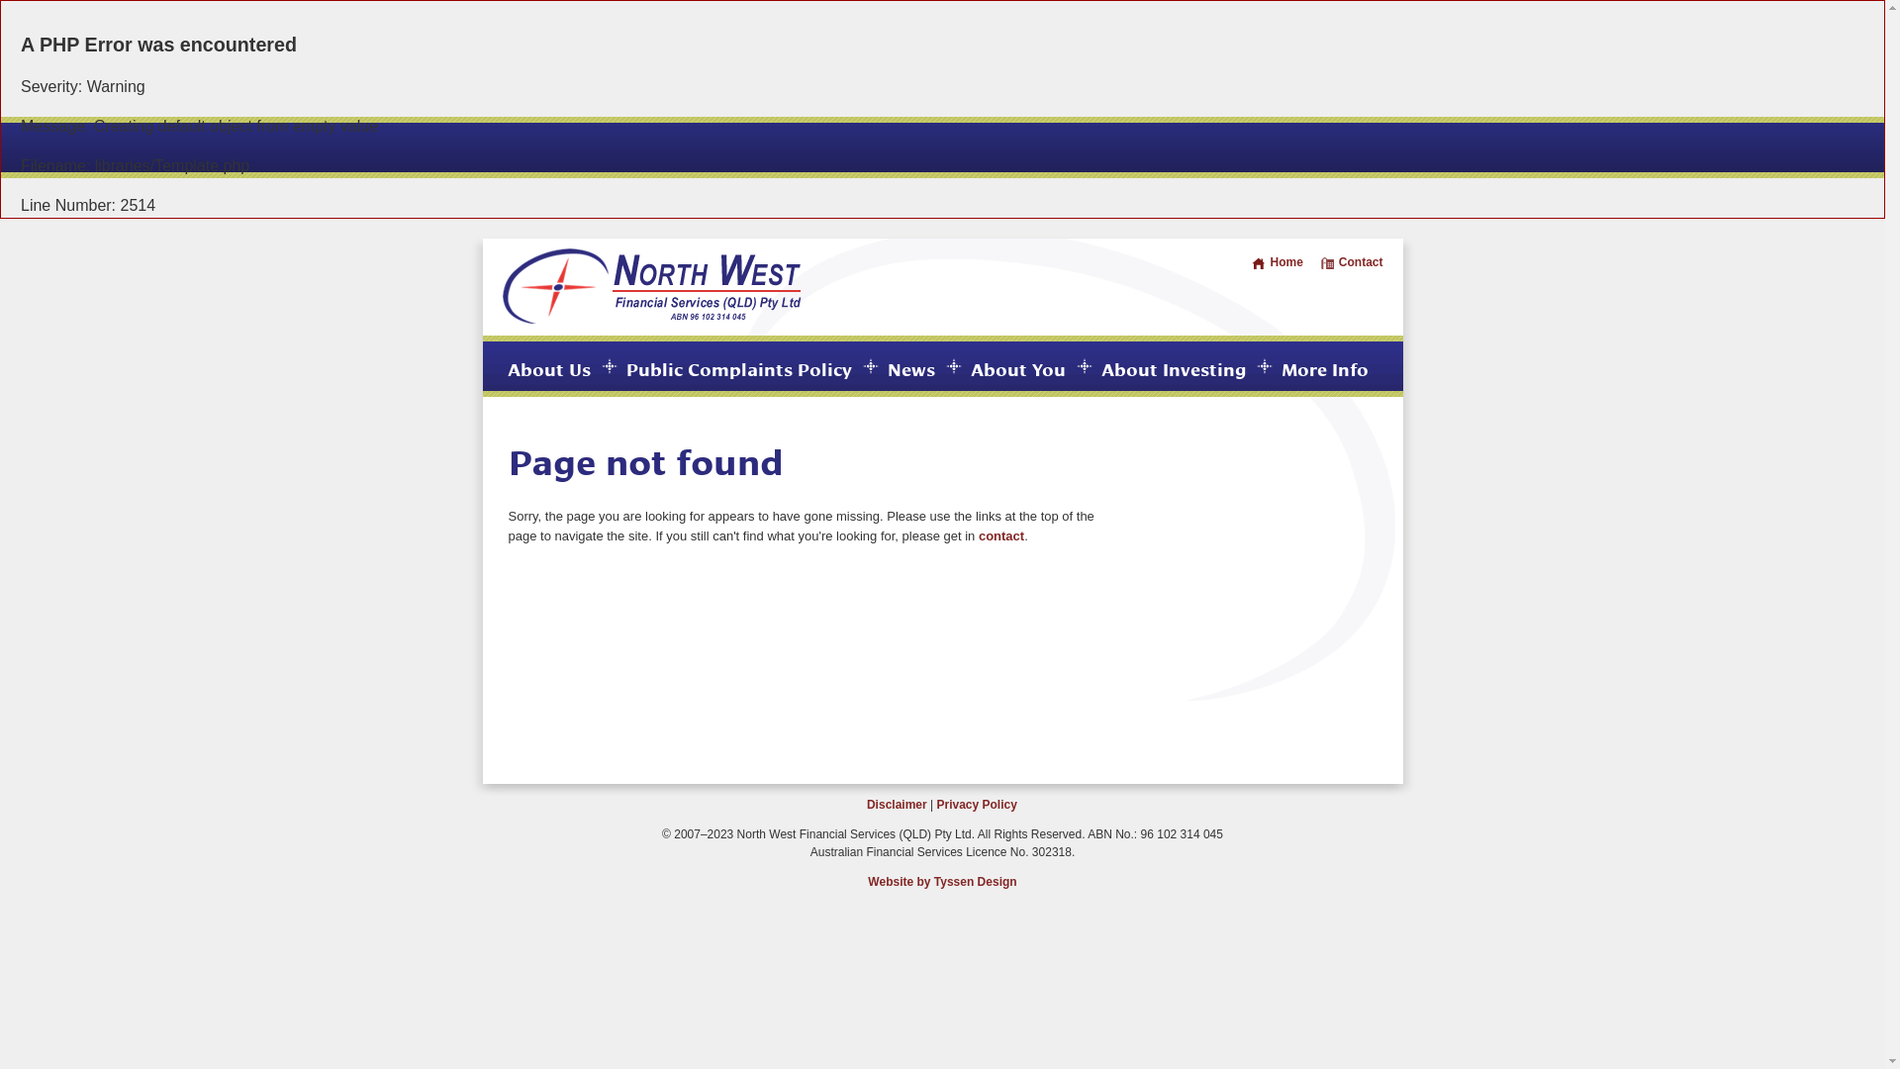 The image size is (1900, 1069). I want to click on 'Privacy Policy', so click(976, 805).